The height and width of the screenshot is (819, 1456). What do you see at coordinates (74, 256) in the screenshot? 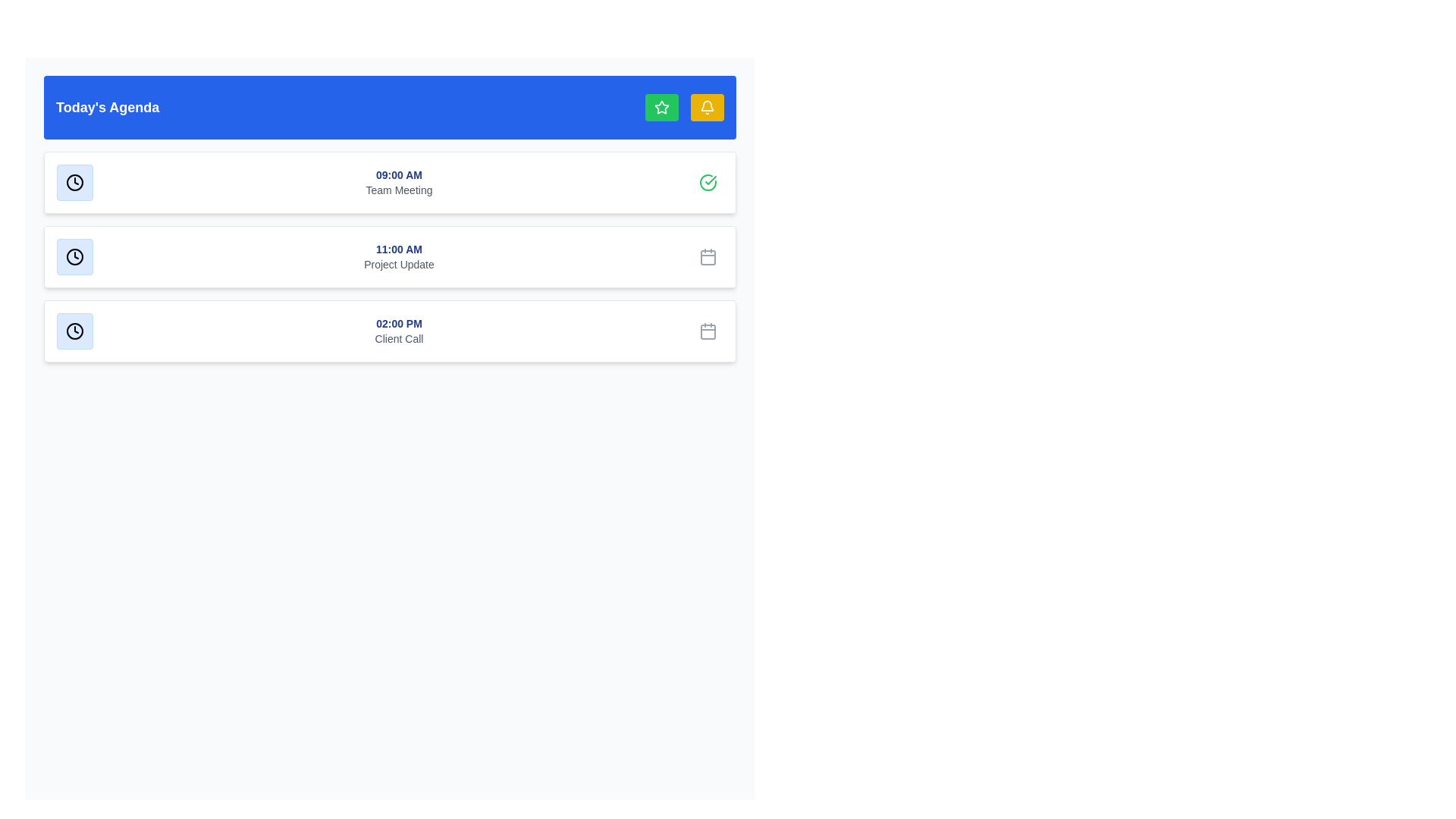
I see `the clock icon represented by a circle, located at the center of the clock SVG element, to the left of the '11:00 AM Project Update' label` at bounding box center [74, 256].